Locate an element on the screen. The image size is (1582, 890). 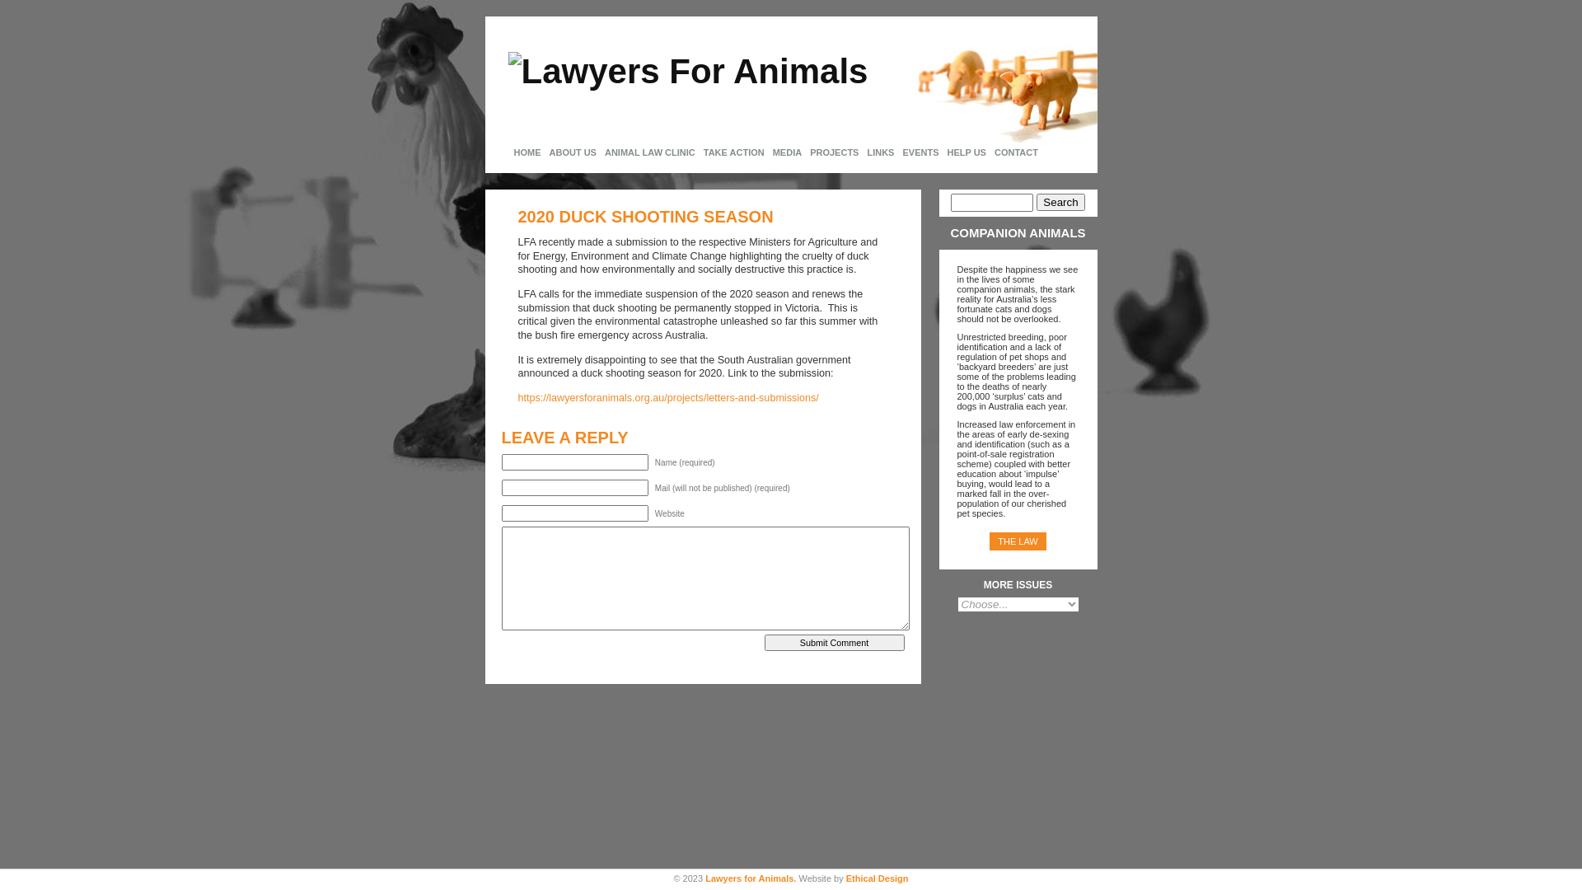
'ABOUT US' is located at coordinates (573, 152).